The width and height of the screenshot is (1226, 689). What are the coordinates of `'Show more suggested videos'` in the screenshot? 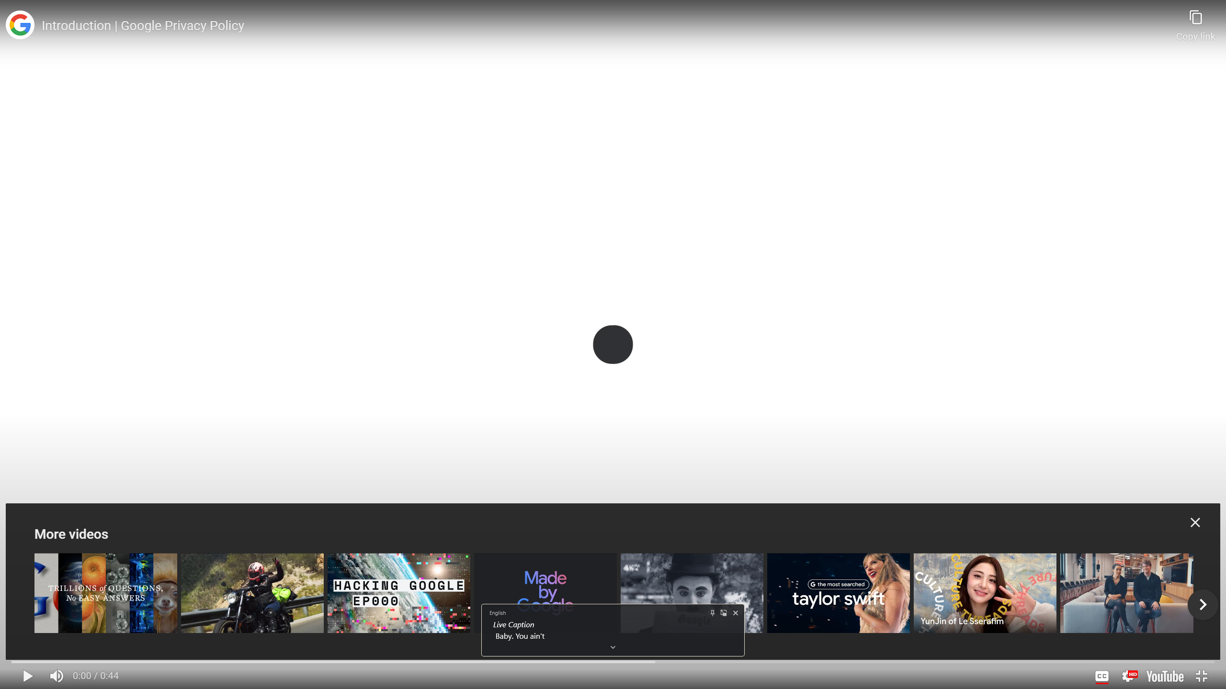 It's located at (1203, 604).